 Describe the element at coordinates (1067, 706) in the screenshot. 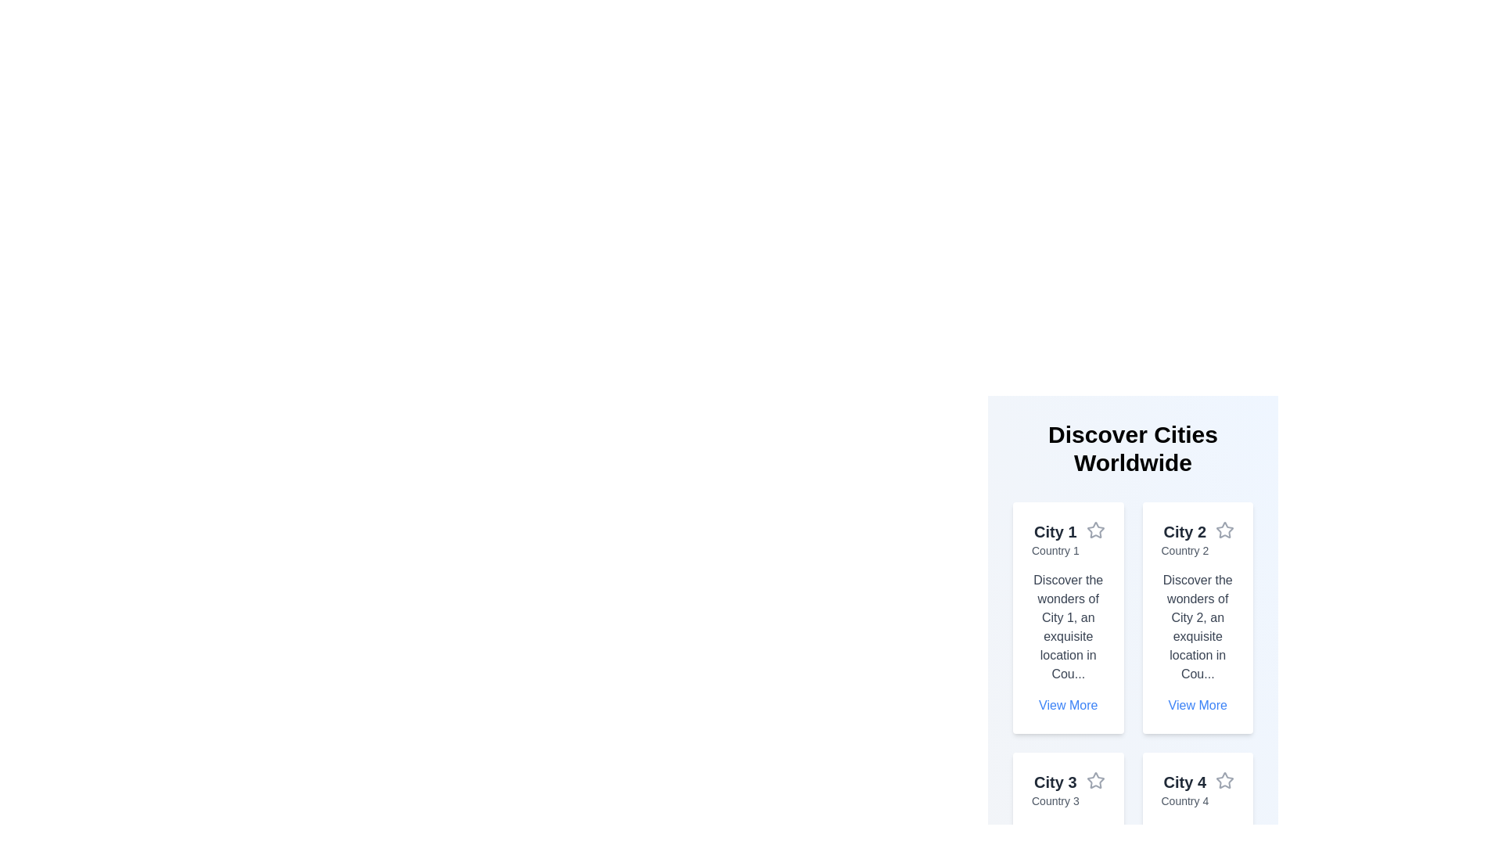

I see `the Text link at the bottom-right corner of the card for 'City 1'` at that location.